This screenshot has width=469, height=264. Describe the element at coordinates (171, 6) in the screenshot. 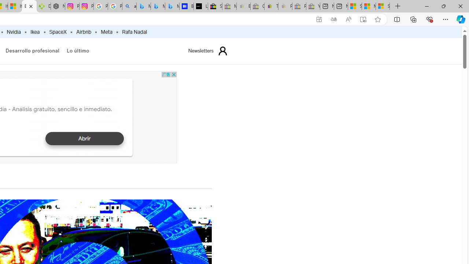

I see `'Microsoft Bing Travel - Shangri-La Hotel Bangkok'` at that location.